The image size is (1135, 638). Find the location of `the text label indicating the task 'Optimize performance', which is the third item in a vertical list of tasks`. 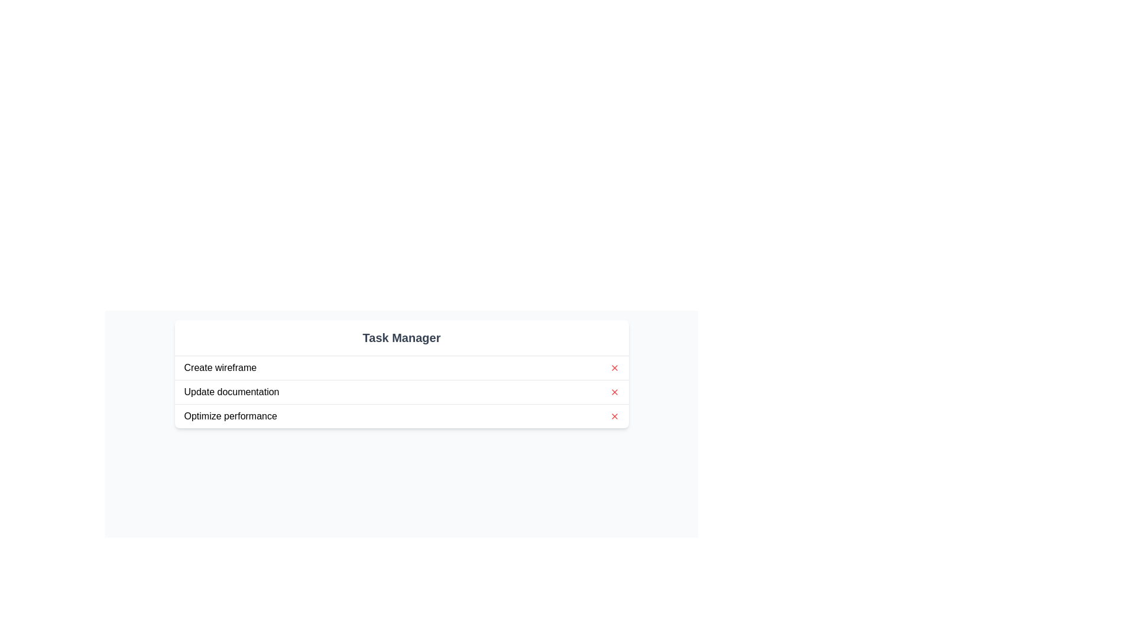

the text label indicating the task 'Optimize performance', which is the third item in a vertical list of tasks is located at coordinates (231, 416).